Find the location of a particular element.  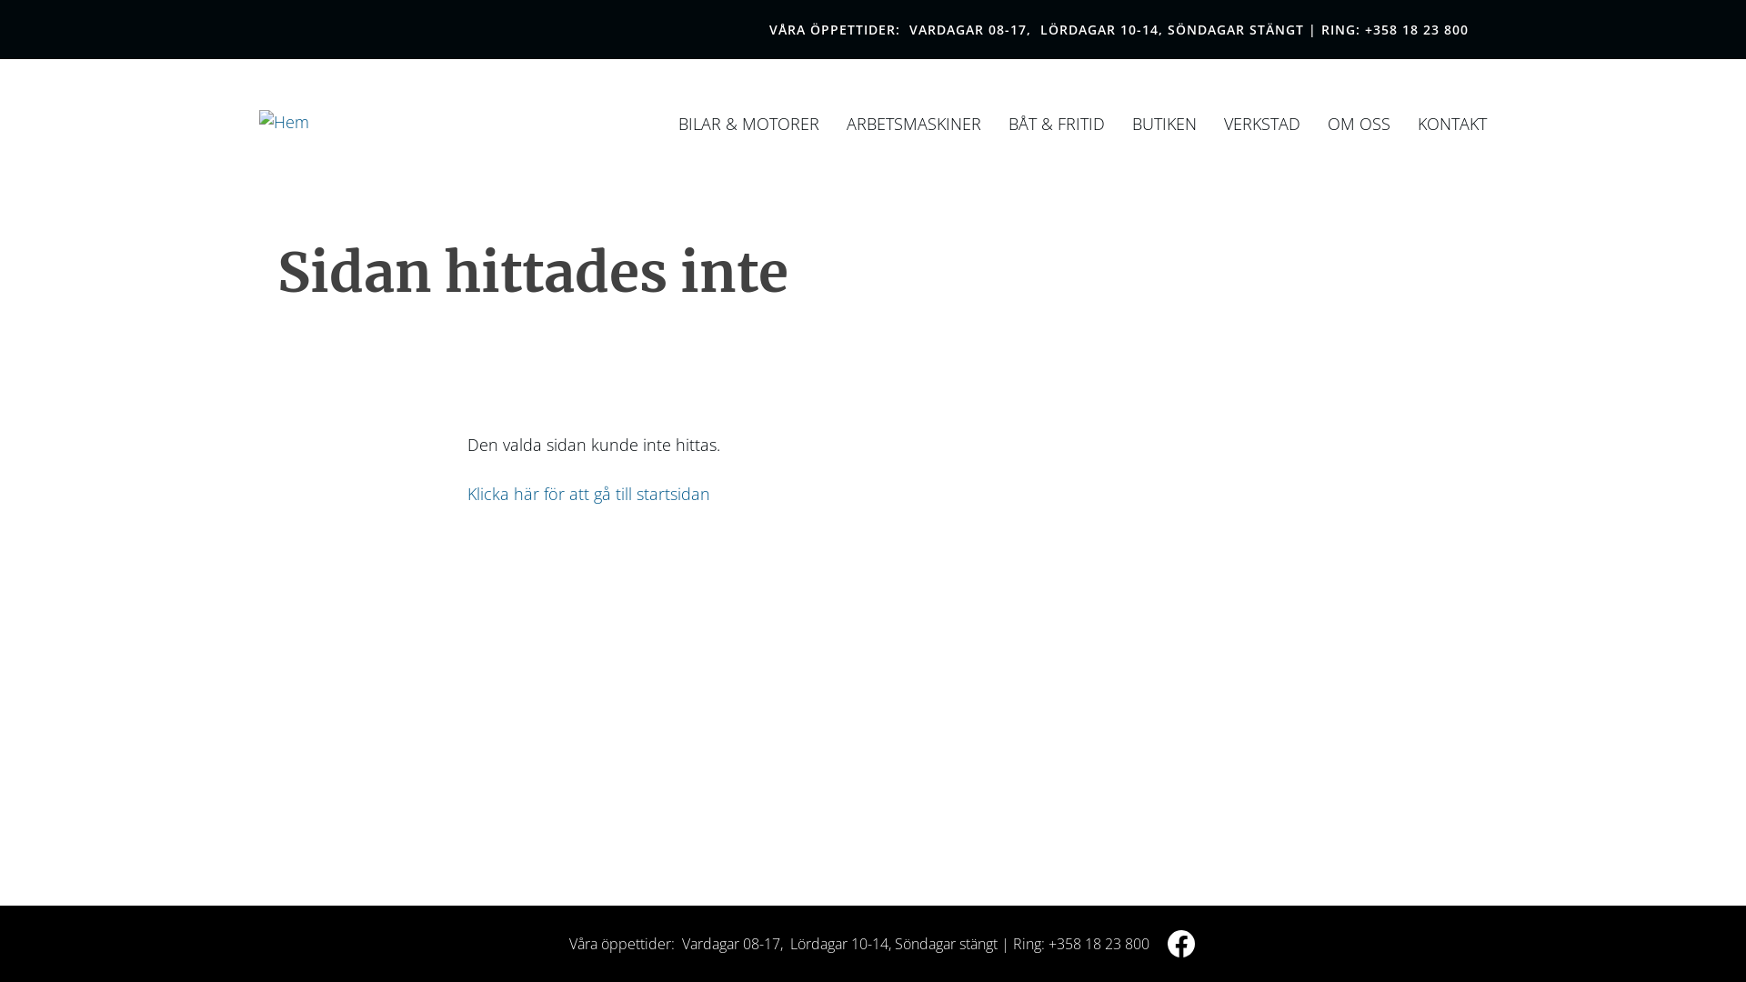

'+358 18 23 800' is located at coordinates (1098, 942).